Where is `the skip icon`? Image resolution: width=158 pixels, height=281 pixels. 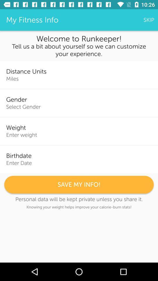
the skip icon is located at coordinates (149, 20).